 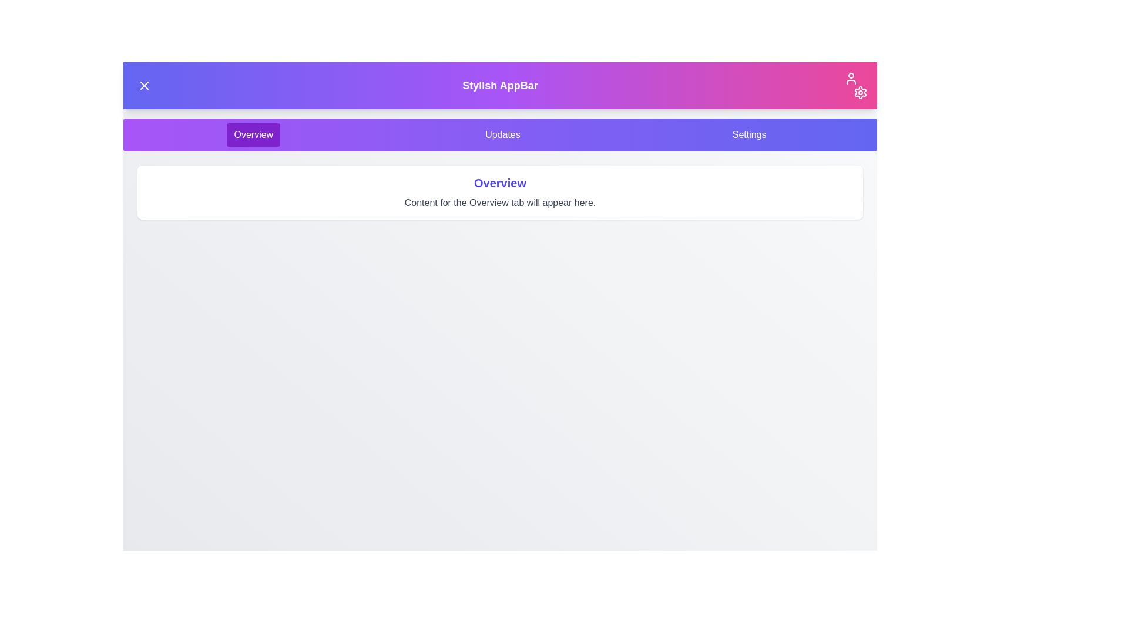 I want to click on the Settings tab by clicking on it, so click(x=748, y=134).